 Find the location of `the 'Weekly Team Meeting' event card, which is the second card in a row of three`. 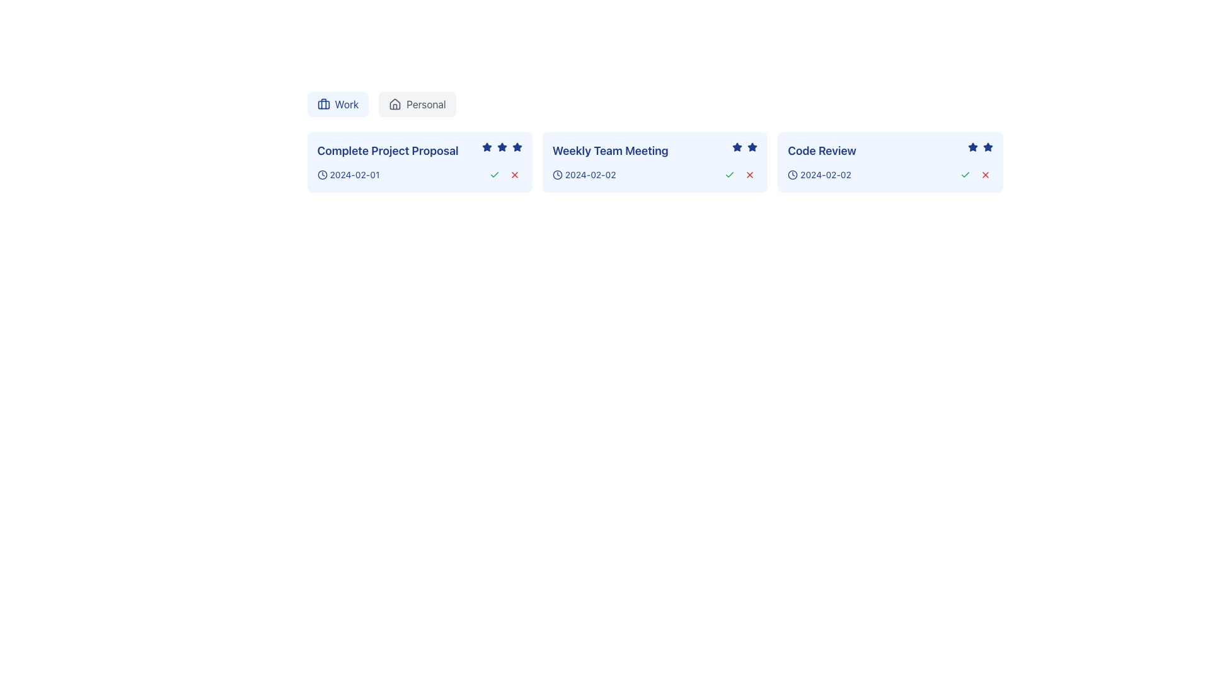

the 'Weekly Team Meeting' event card, which is the second card in a row of three is located at coordinates (655, 162).